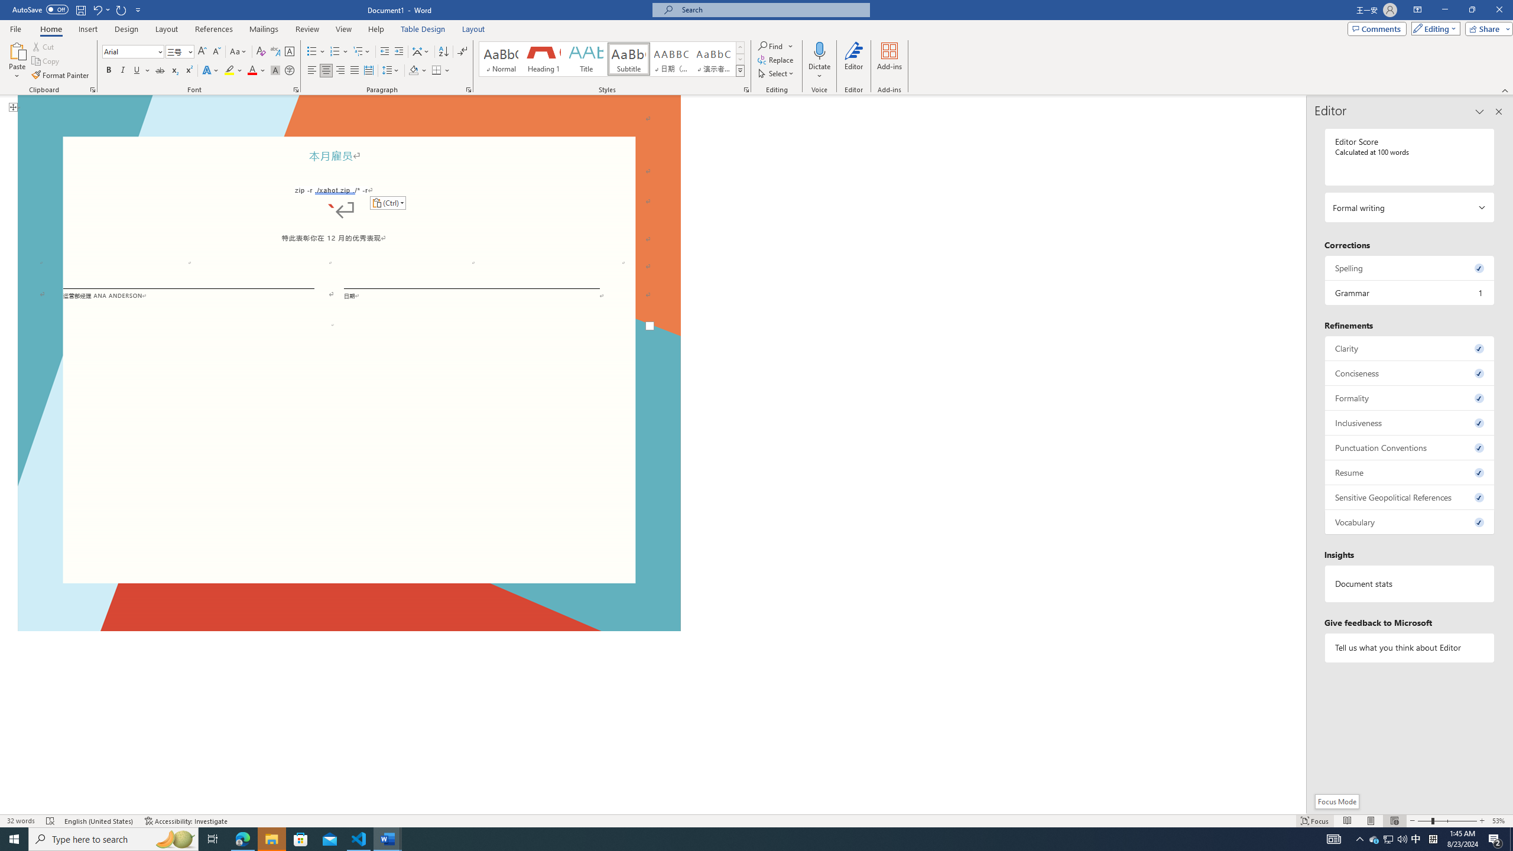  Describe the element at coordinates (1336, 801) in the screenshot. I see `'Focus Mode'` at that location.